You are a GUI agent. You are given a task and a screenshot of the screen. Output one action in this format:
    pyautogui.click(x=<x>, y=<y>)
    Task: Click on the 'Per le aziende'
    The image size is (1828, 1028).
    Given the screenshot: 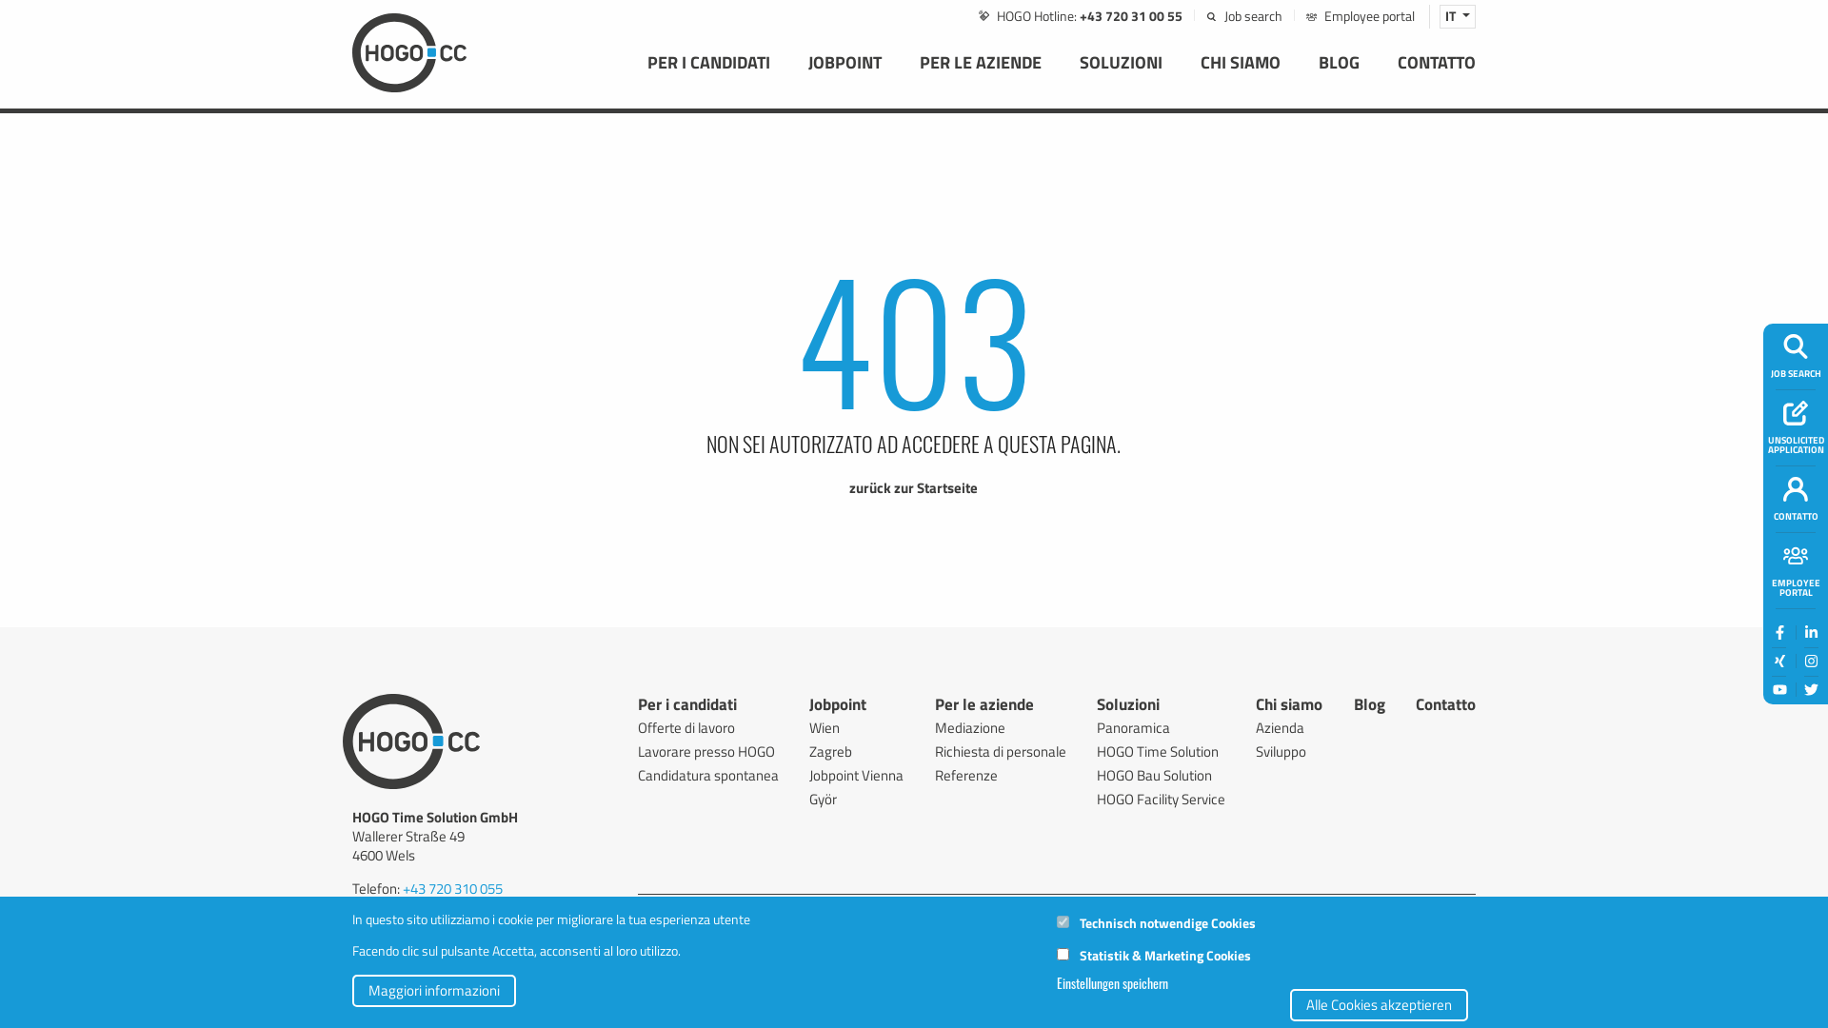 What is the action you would take?
    pyautogui.click(x=984, y=707)
    